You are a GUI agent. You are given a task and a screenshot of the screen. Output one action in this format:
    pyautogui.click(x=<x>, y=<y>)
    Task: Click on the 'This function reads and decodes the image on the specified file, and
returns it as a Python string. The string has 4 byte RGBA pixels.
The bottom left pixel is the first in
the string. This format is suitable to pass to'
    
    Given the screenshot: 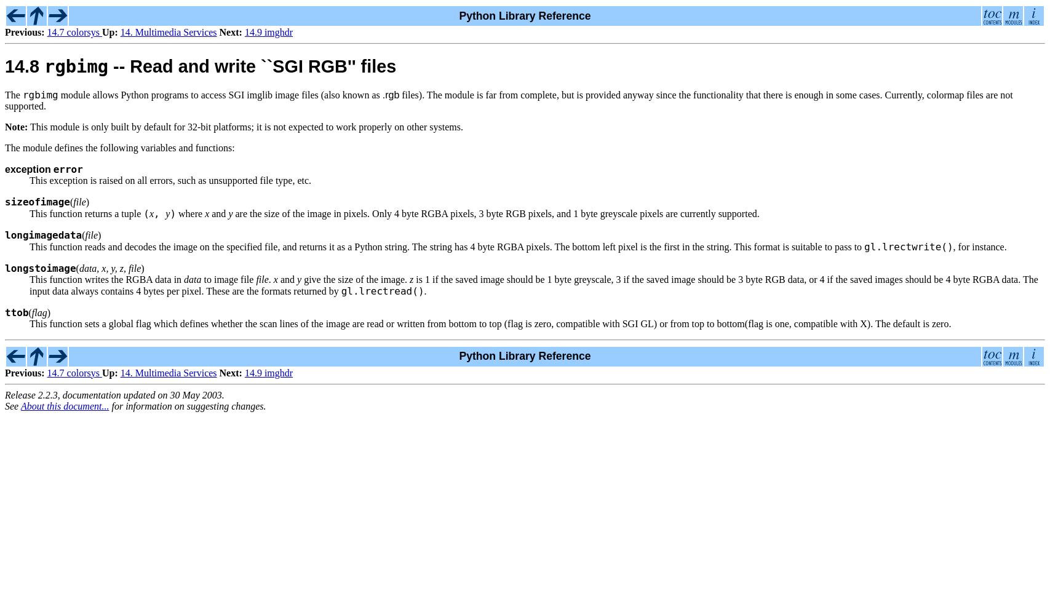 What is the action you would take?
    pyautogui.click(x=447, y=246)
    